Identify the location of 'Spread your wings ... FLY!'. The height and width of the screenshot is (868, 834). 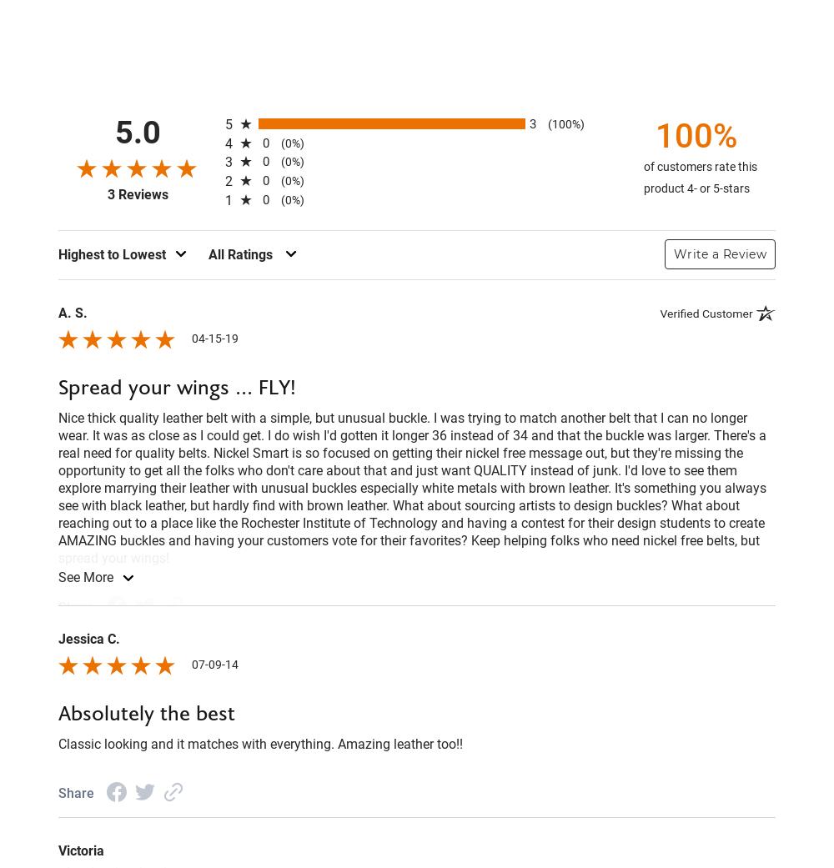
(176, 386).